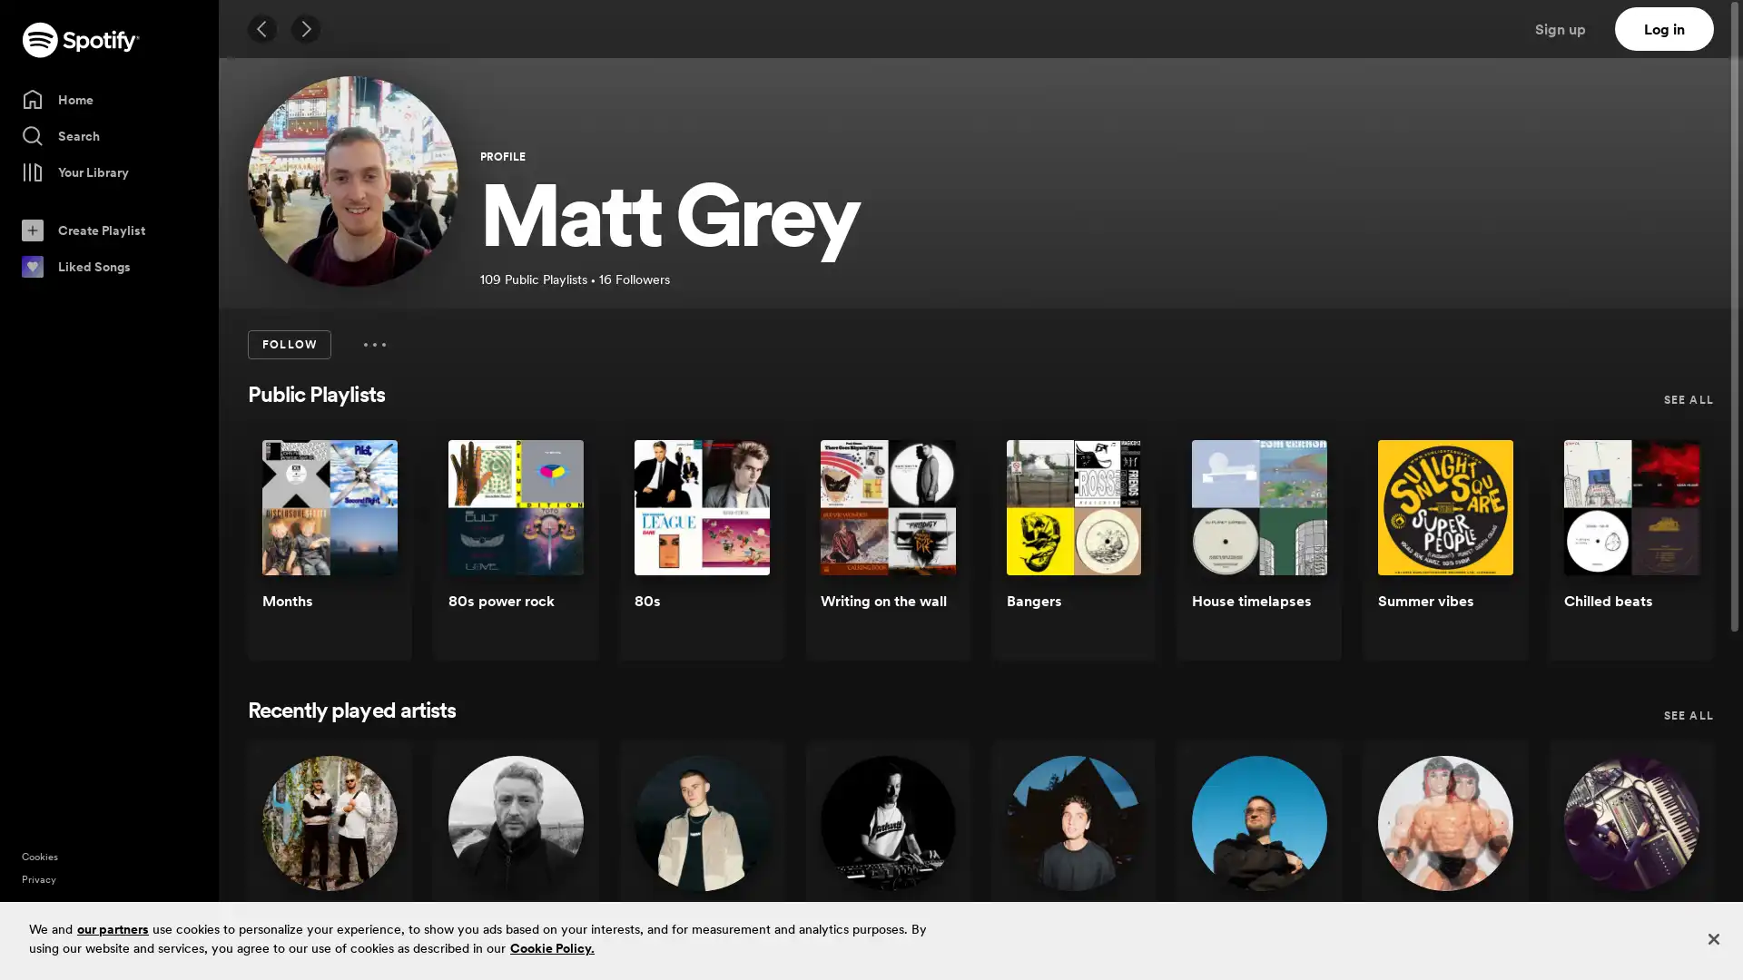 This screenshot has width=1743, height=980. Describe the element at coordinates (366, 867) in the screenshot. I see `Play 2XM` at that location.